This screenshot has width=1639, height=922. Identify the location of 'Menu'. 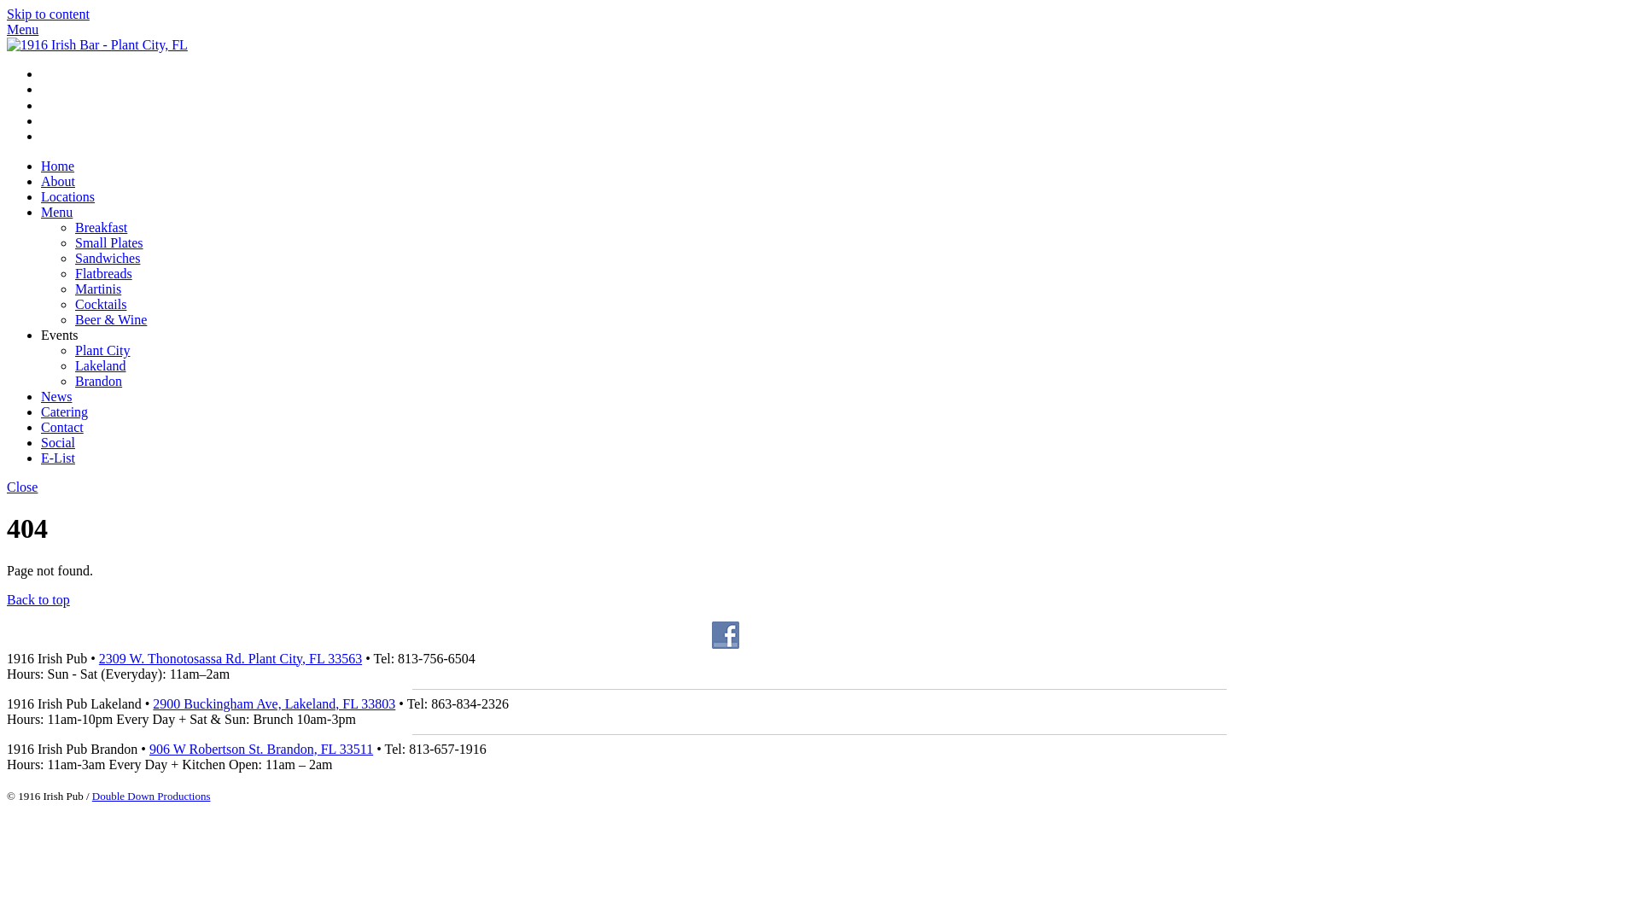
(7, 29).